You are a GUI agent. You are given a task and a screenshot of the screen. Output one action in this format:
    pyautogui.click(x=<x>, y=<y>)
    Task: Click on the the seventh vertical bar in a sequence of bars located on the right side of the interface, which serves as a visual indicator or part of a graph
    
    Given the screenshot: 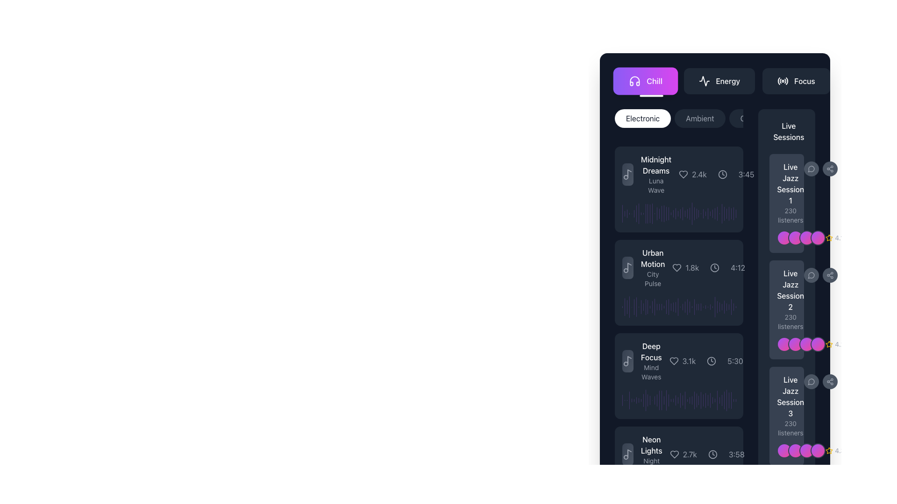 What is the action you would take?
    pyautogui.click(x=636, y=399)
    